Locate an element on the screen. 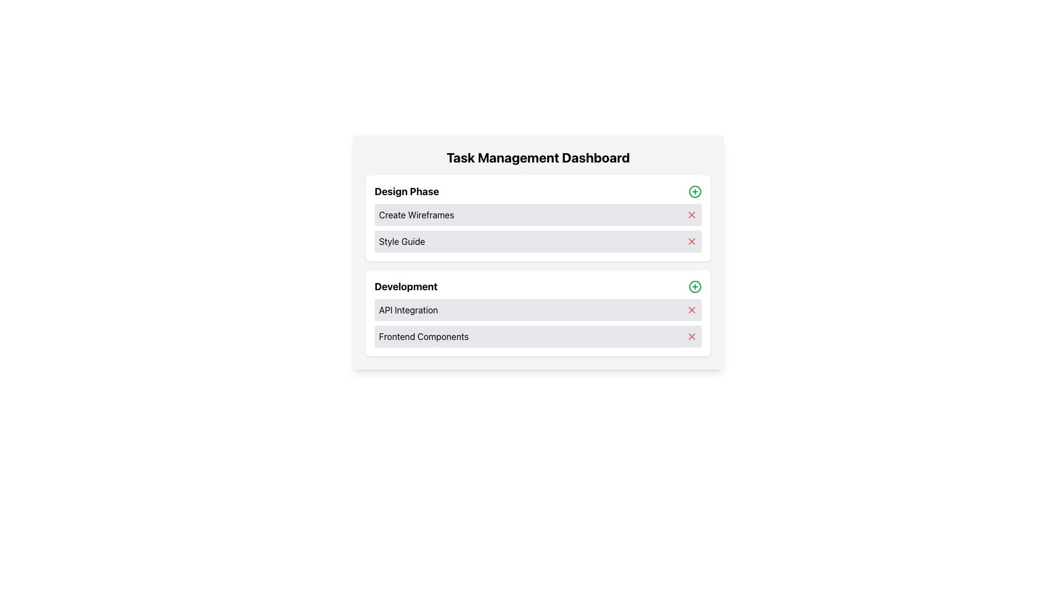 This screenshot has width=1061, height=597. the plus icon button located in the top-right corner of the 'Design Phase' section is located at coordinates (694, 191).